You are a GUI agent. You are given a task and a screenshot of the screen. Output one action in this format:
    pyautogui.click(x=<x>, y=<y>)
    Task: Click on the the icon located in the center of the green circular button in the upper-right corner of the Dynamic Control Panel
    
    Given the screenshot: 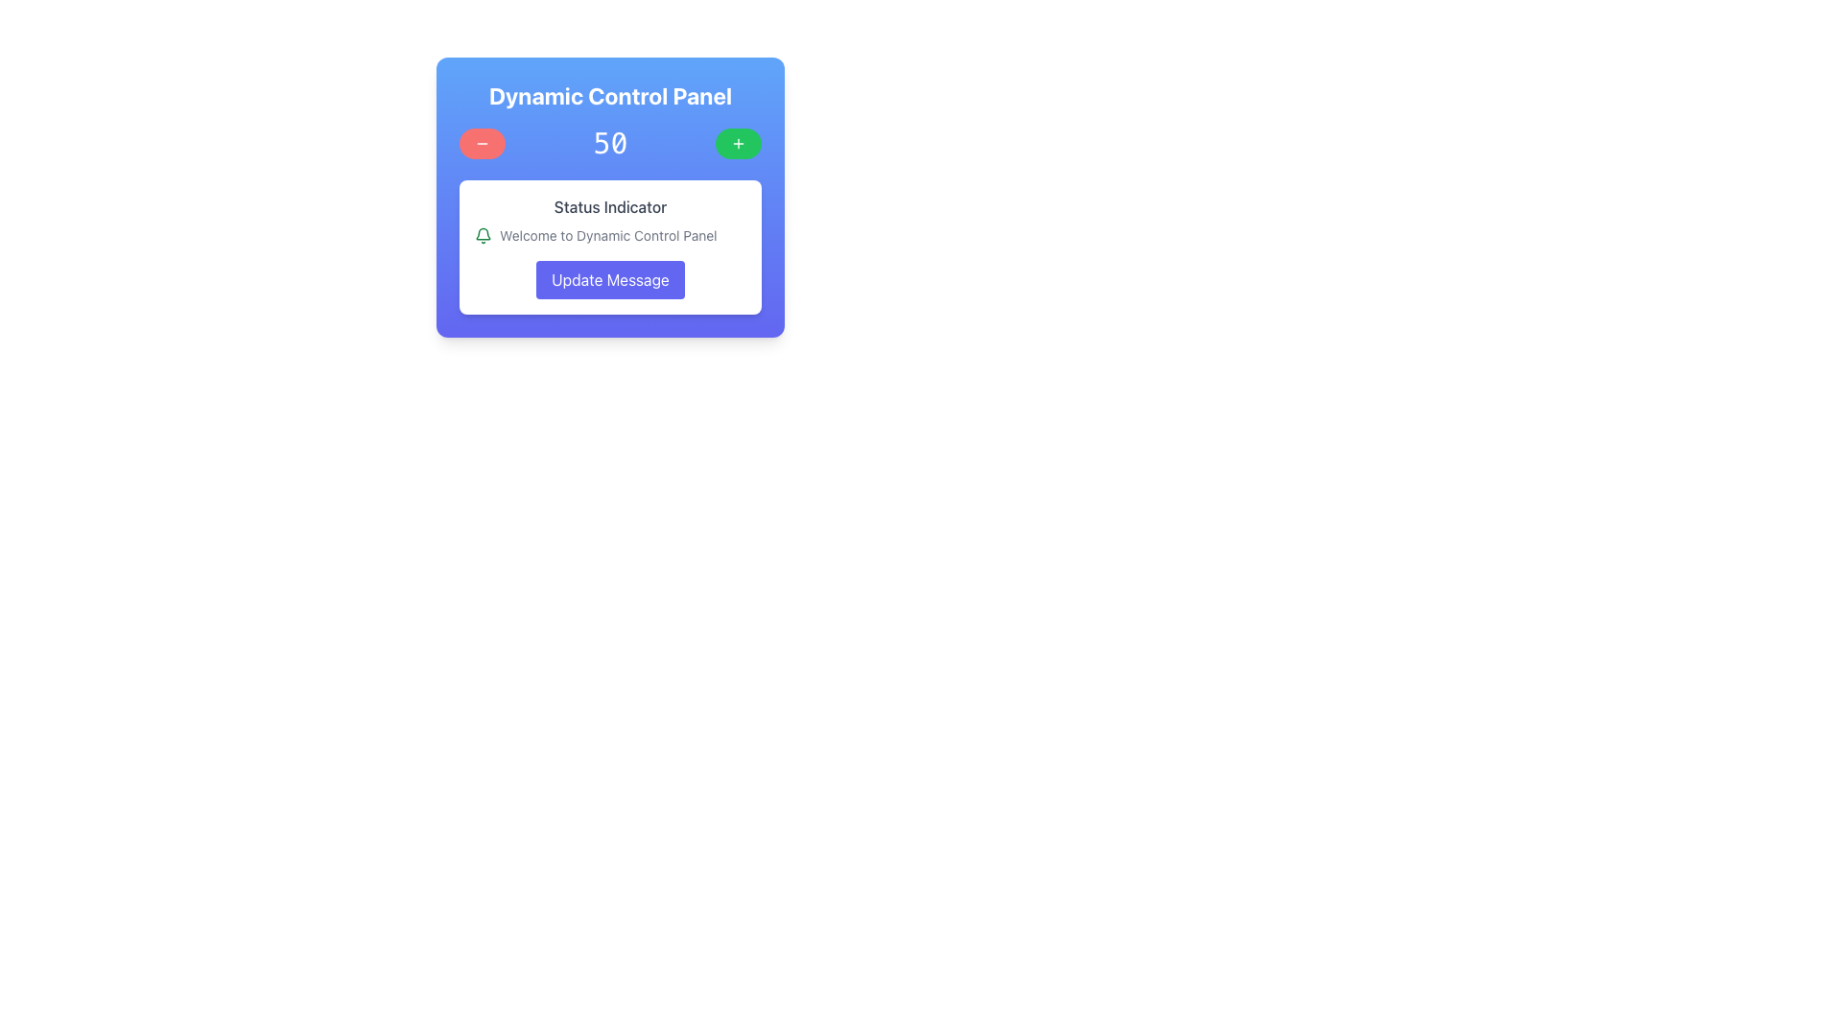 What is the action you would take?
    pyautogui.click(x=737, y=143)
    